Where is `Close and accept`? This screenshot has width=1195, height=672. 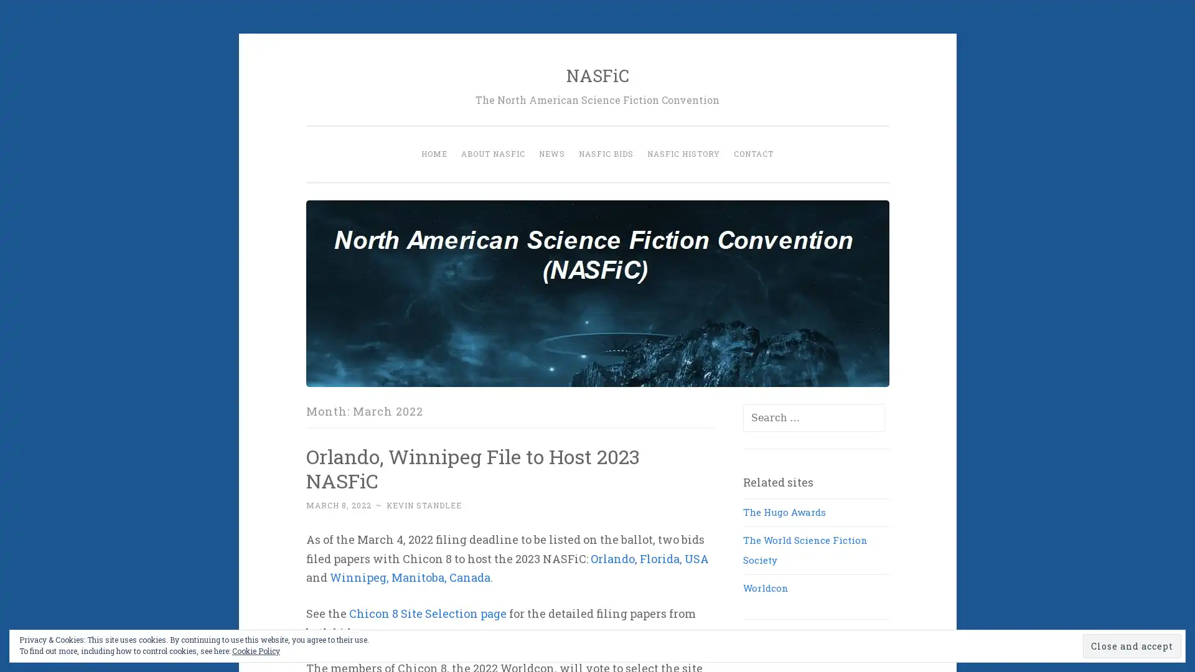
Close and accept is located at coordinates (1132, 645).